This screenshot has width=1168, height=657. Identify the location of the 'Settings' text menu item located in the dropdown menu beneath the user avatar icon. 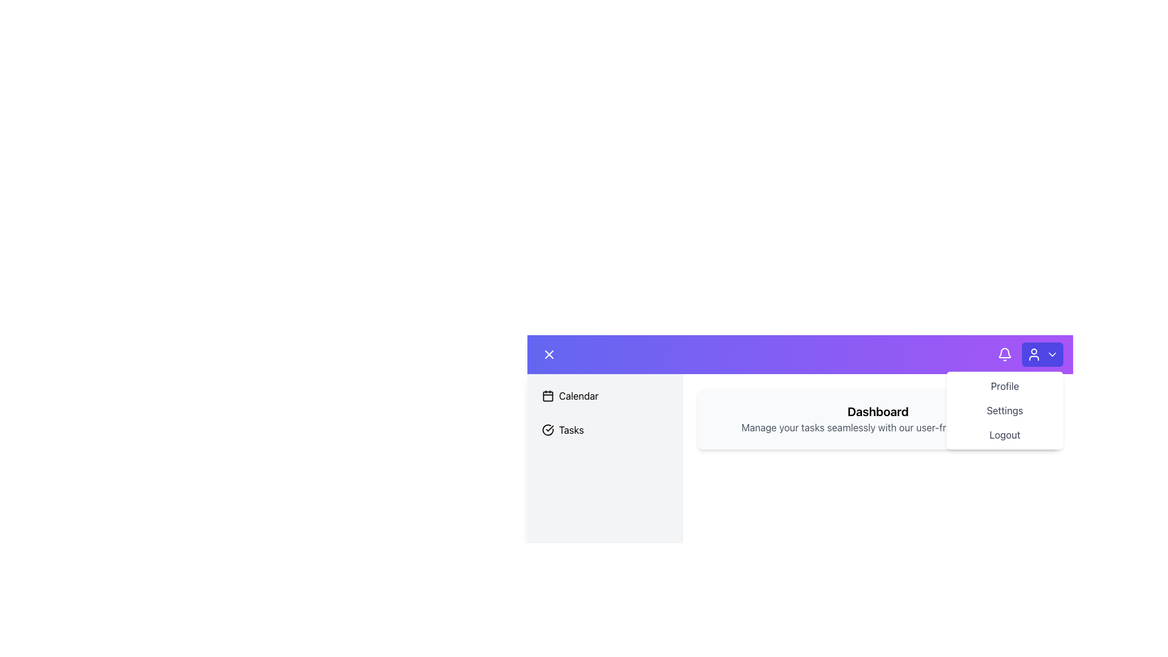
(1004, 411).